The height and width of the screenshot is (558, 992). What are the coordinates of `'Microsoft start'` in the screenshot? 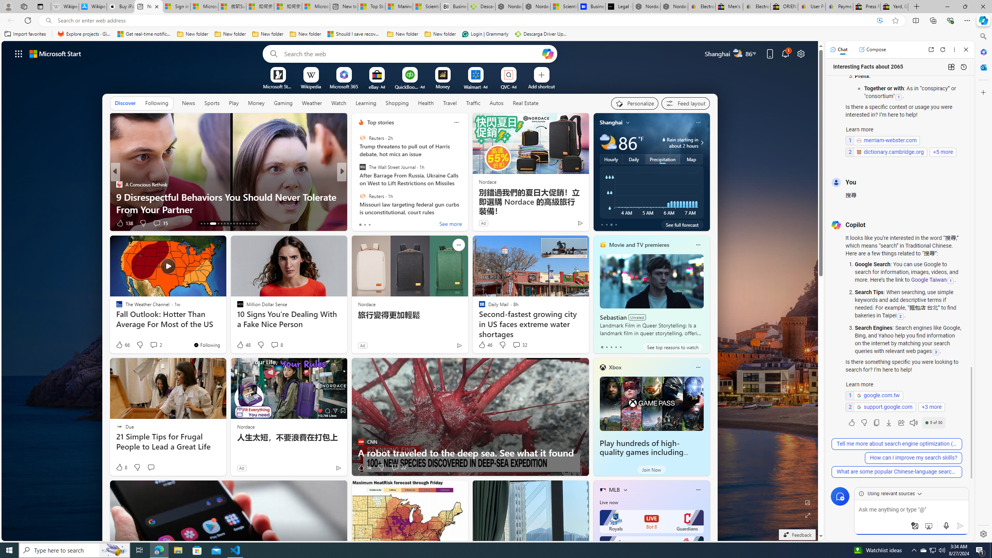 It's located at (55, 53).